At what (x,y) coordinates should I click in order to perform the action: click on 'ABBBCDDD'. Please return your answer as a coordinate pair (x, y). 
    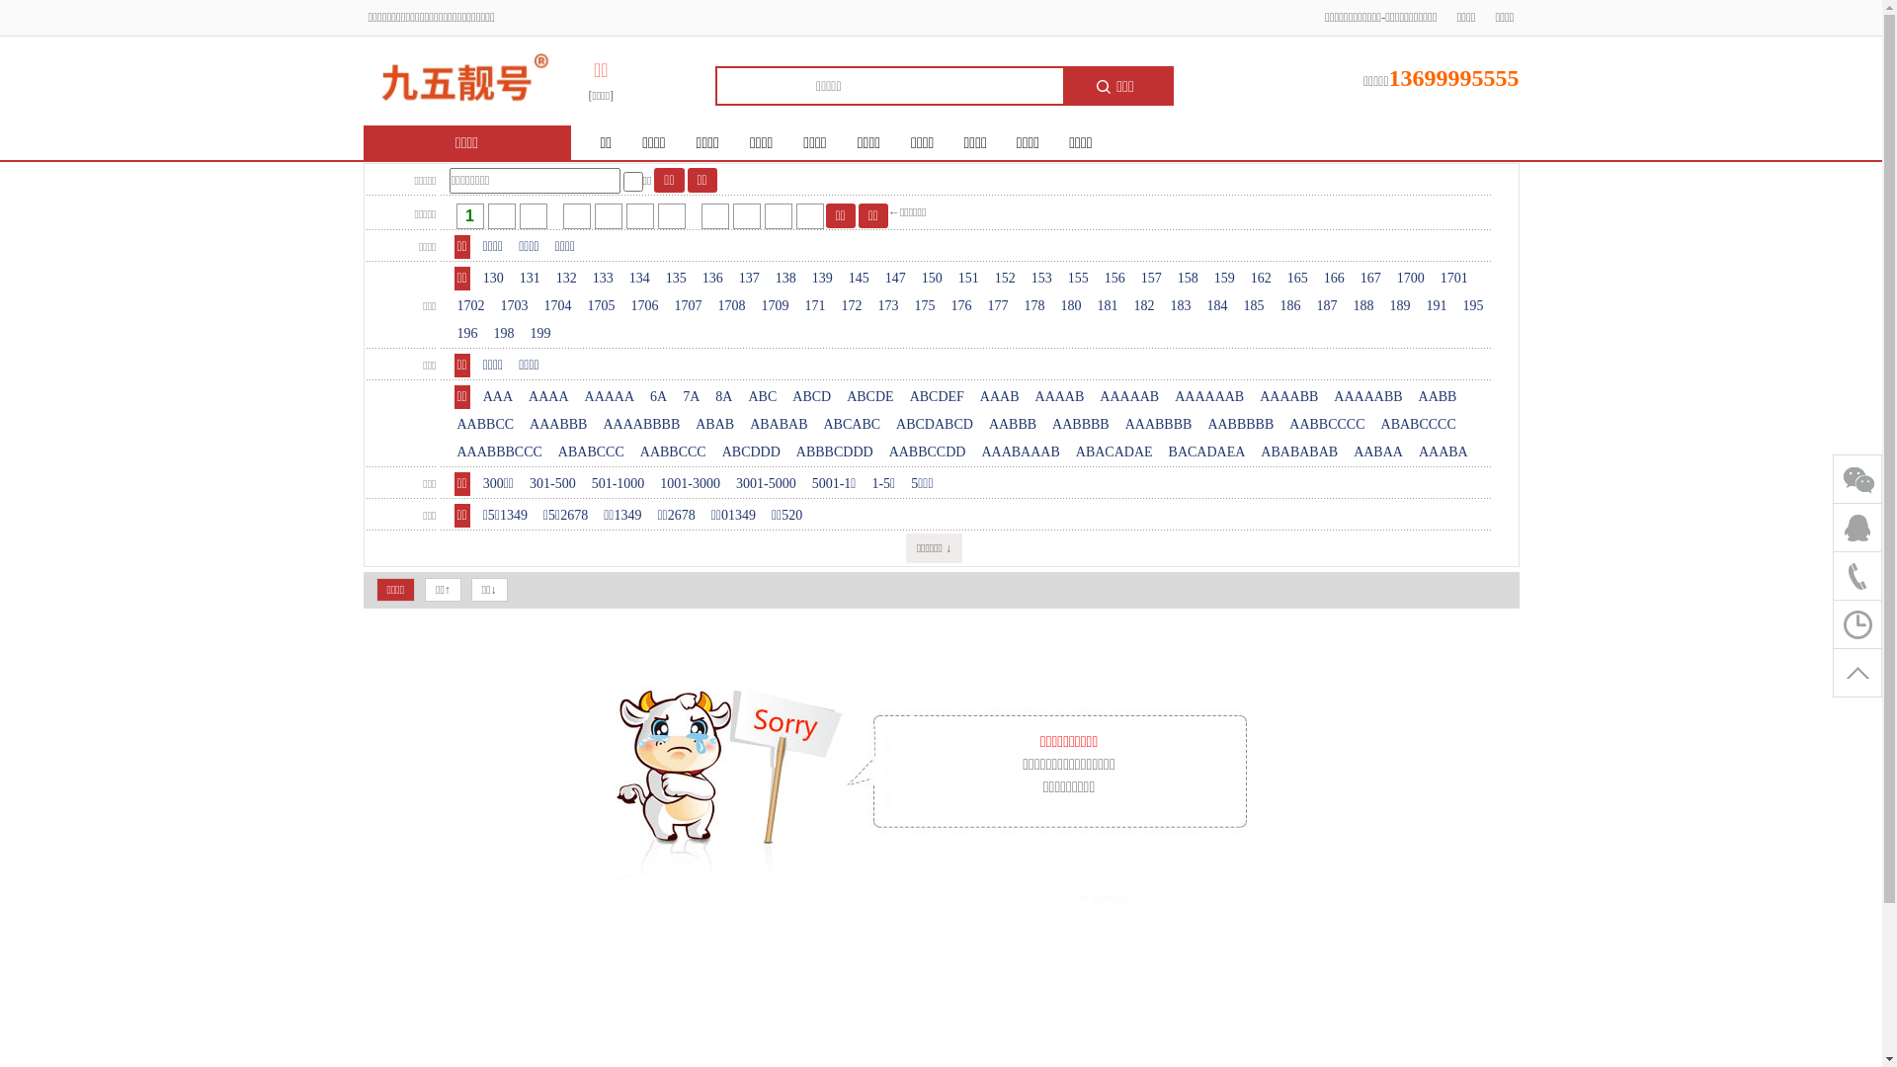
    Looking at the image, I should click on (834, 452).